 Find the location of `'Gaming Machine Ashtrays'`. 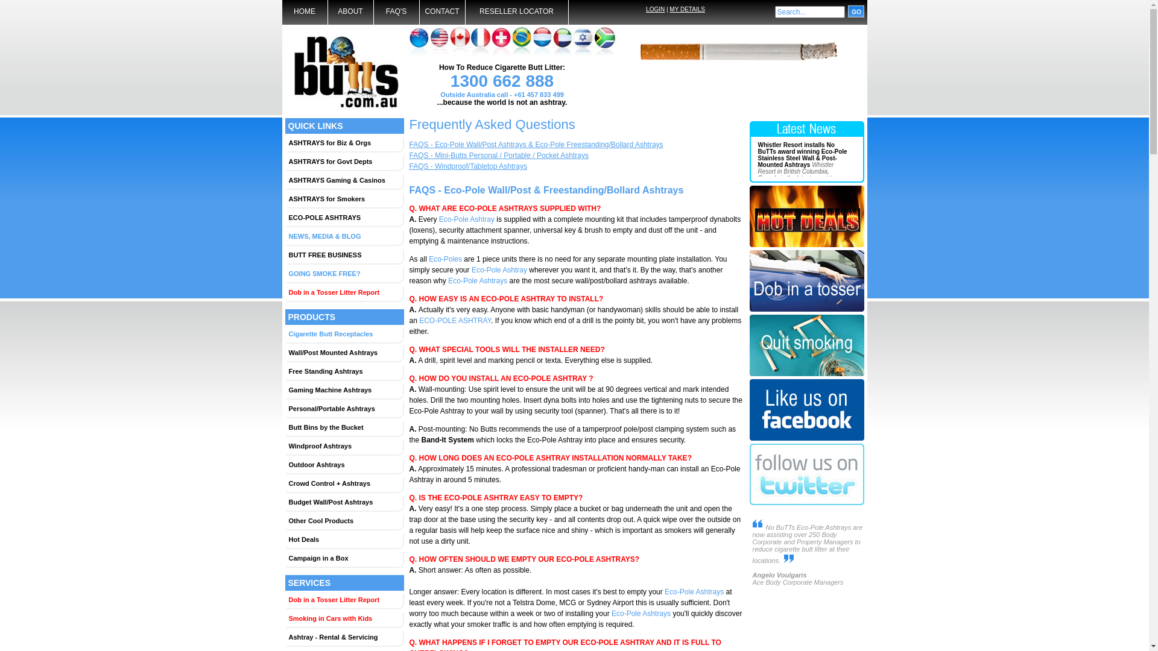

'Gaming Machine Ashtrays' is located at coordinates (285, 390).